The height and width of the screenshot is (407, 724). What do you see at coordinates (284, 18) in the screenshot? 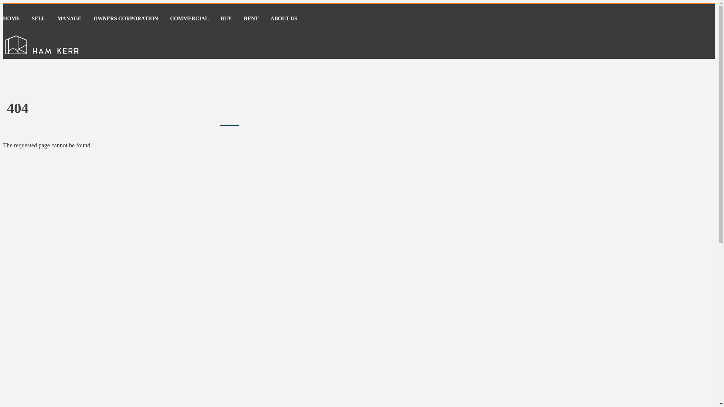
I see `'ABOUT US'` at bounding box center [284, 18].